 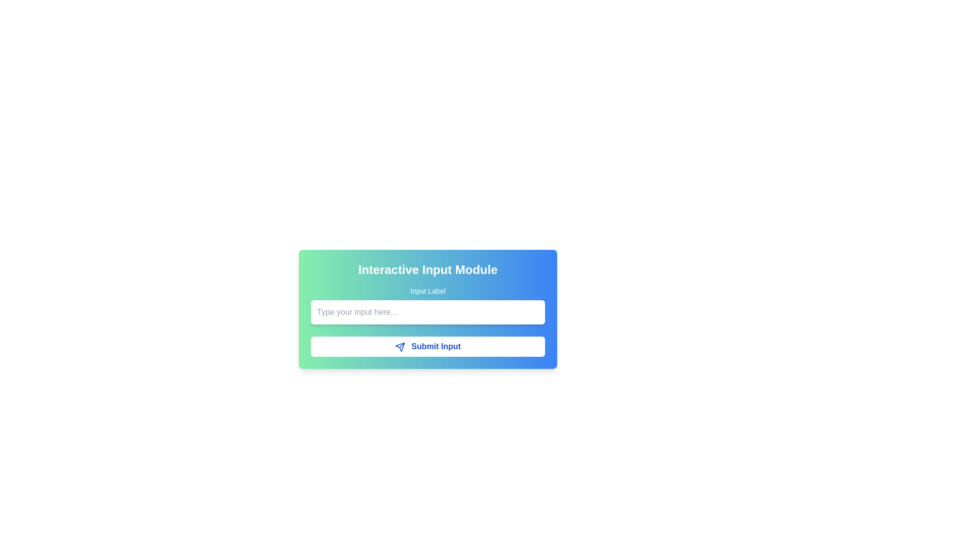 What do you see at coordinates (428, 291) in the screenshot?
I see `the descriptive label located near the top-right section of the interactive module, which helps users understand the purpose of the input field below` at bounding box center [428, 291].